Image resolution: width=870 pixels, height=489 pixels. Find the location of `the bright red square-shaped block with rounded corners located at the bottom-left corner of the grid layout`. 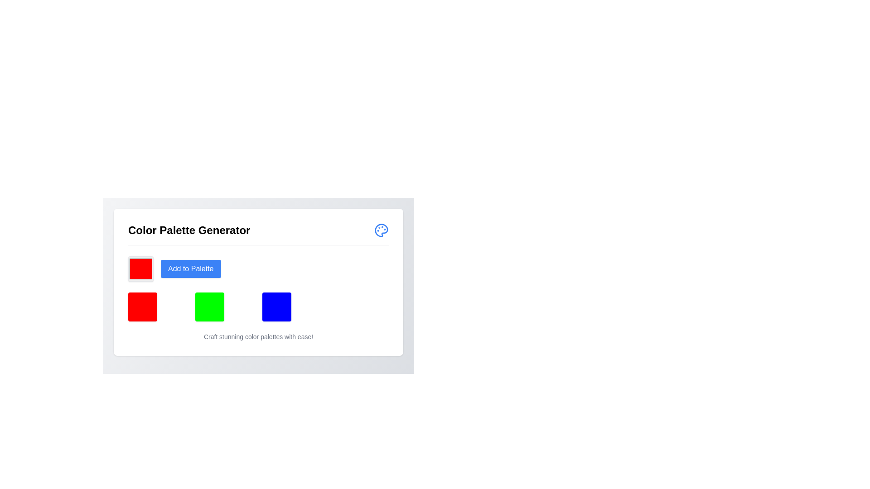

the bright red square-shaped block with rounded corners located at the bottom-left corner of the grid layout is located at coordinates (142, 307).